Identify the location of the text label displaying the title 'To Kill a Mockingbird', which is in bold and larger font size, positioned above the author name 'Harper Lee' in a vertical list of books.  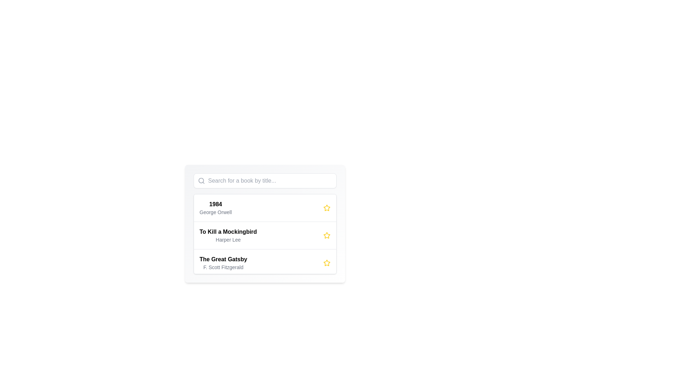
(228, 232).